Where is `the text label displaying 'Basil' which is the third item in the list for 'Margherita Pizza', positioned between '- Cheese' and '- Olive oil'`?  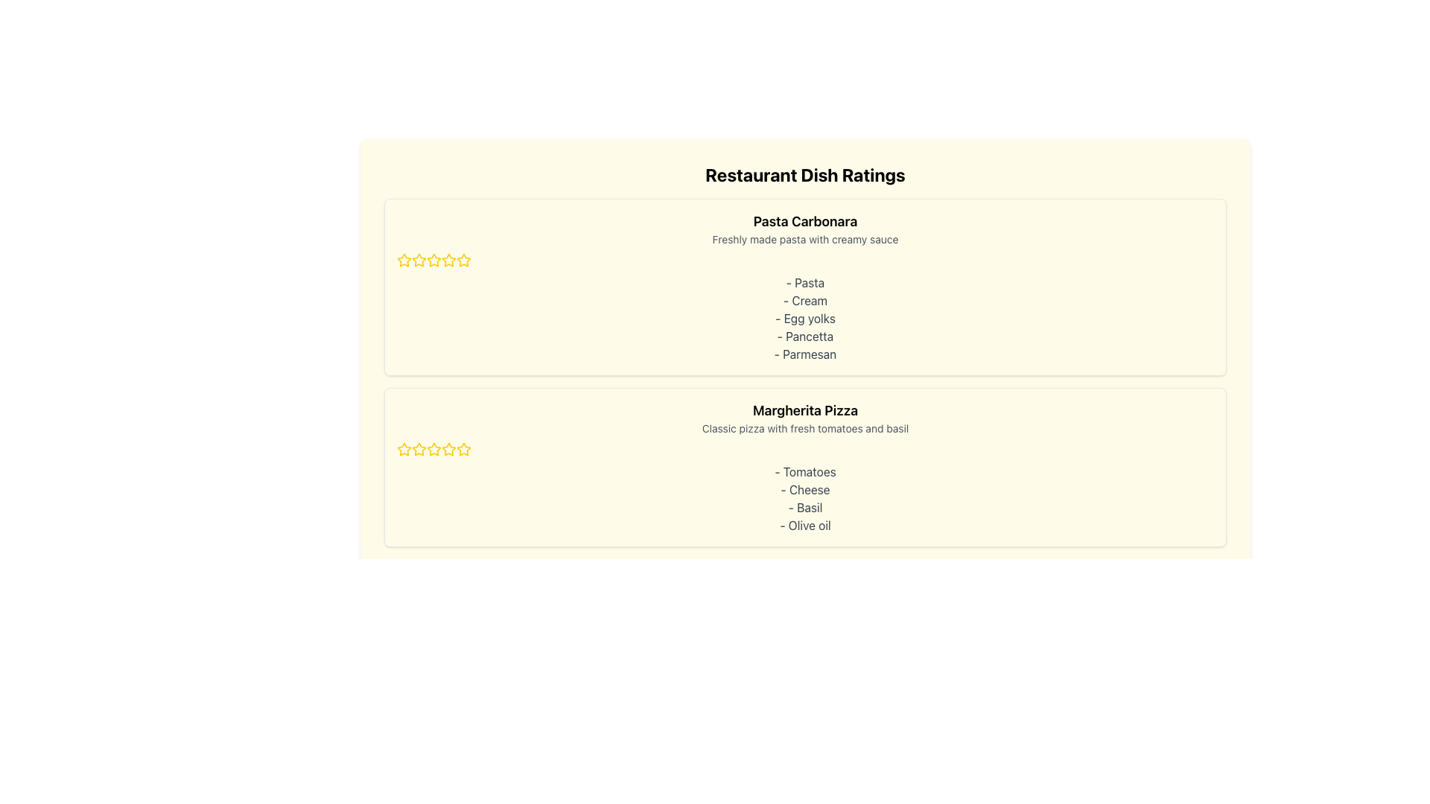 the text label displaying 'Basil' which is the third item in the list for 'Margherita Pizza', positioned between '- Cheese' and '- Olive oil' is located at coordinates (804, 507).